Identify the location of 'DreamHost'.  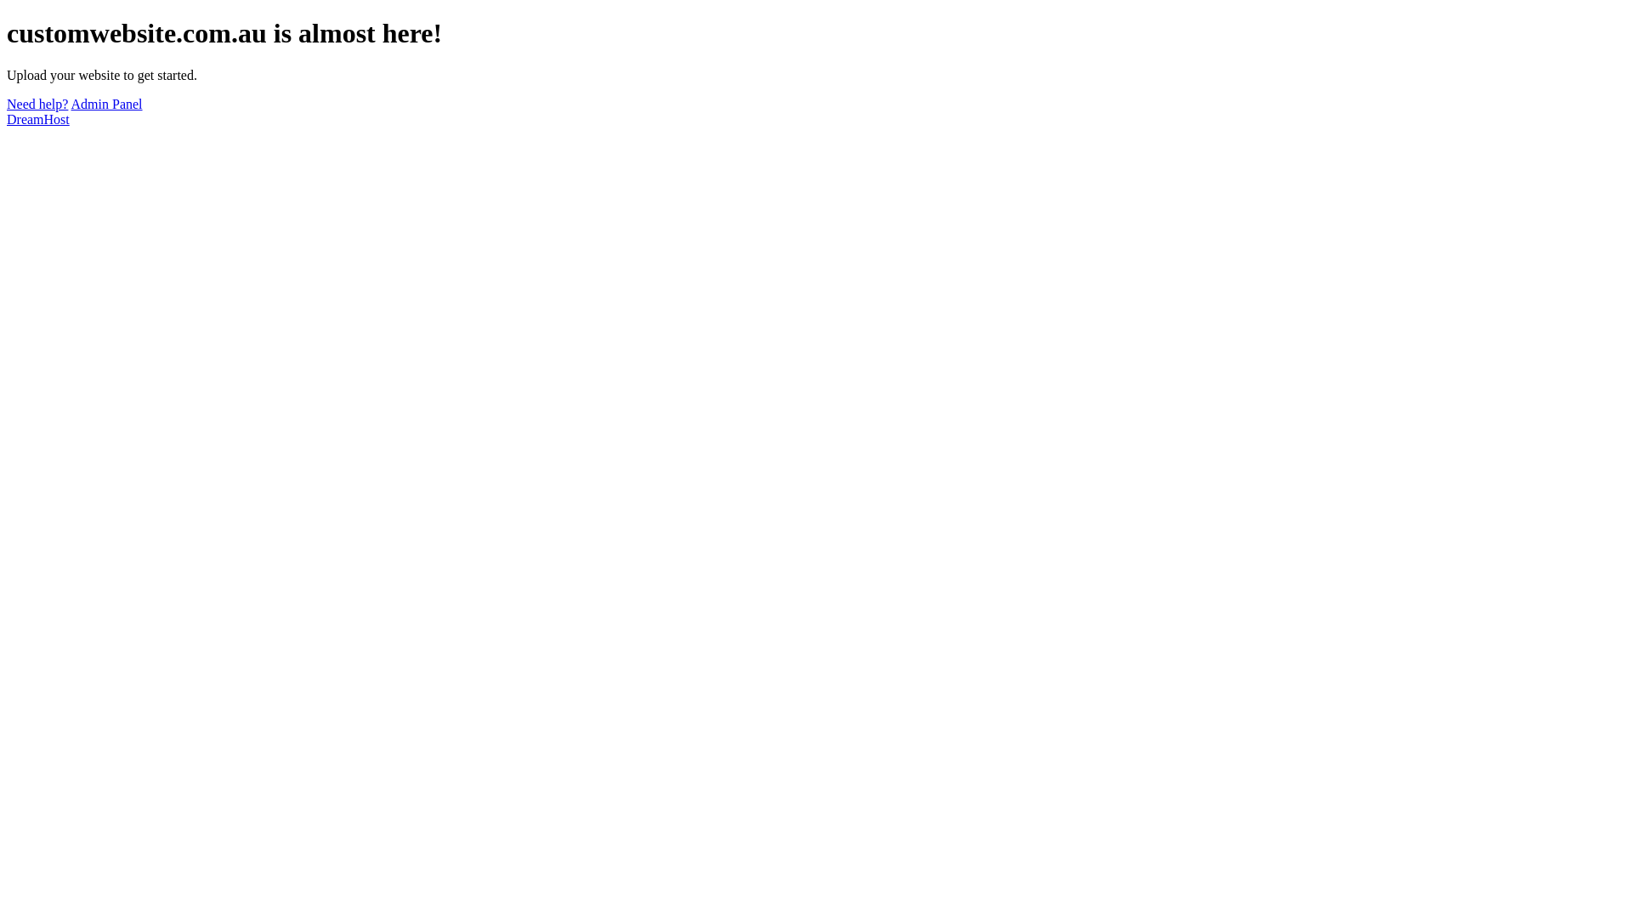
(7, 118).